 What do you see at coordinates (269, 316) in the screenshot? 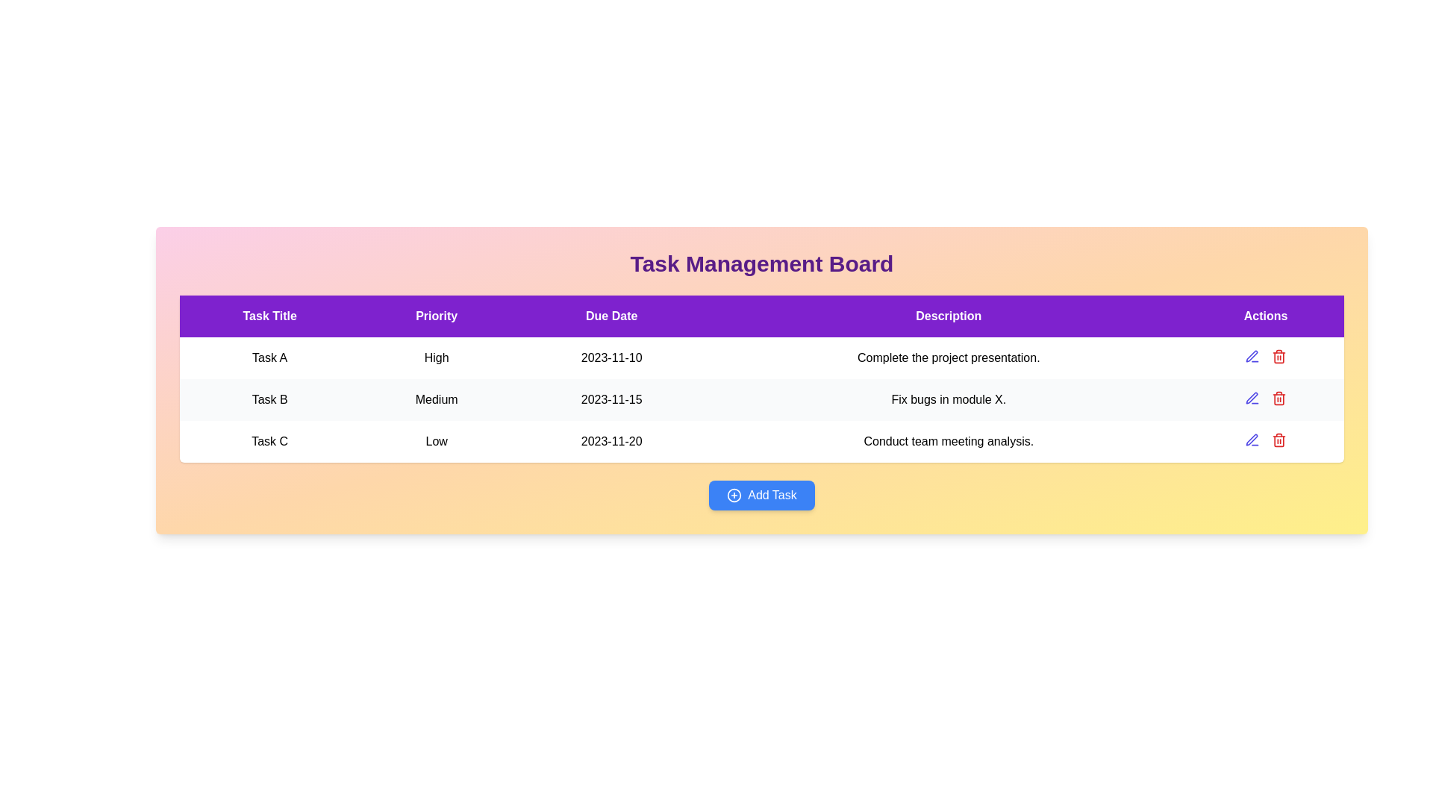
I see `the Static text header element labeled 'Task Title', which is centered in a purple background and located at the top-left of the table header` at bounding box center [269, 316].